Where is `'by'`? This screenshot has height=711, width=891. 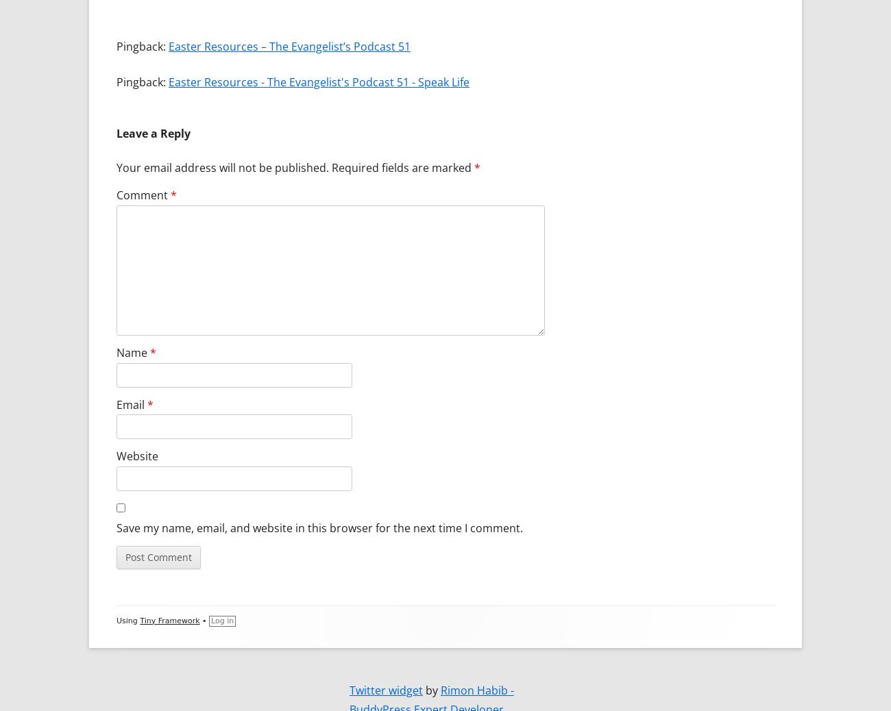
'by' is located at coordinates (422, 689).